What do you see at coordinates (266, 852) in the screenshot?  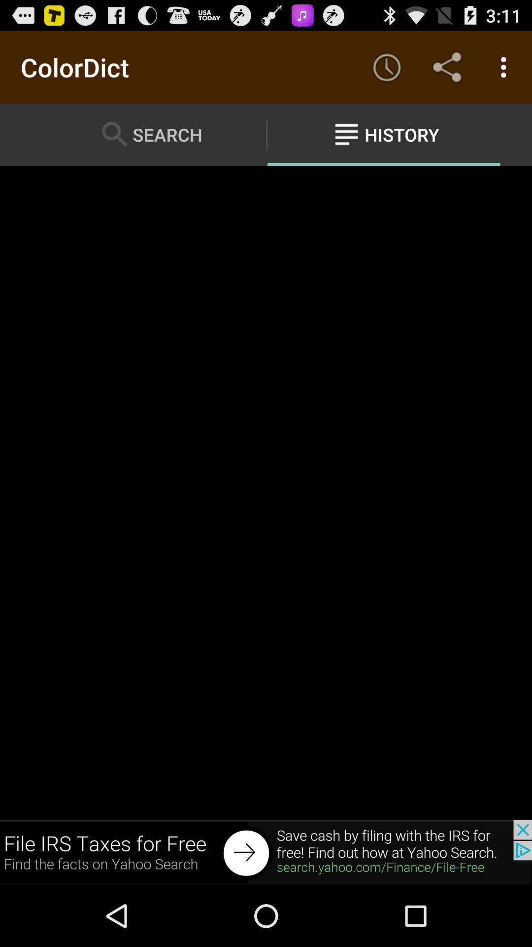 I see `back` at bounding box center [266, 852].